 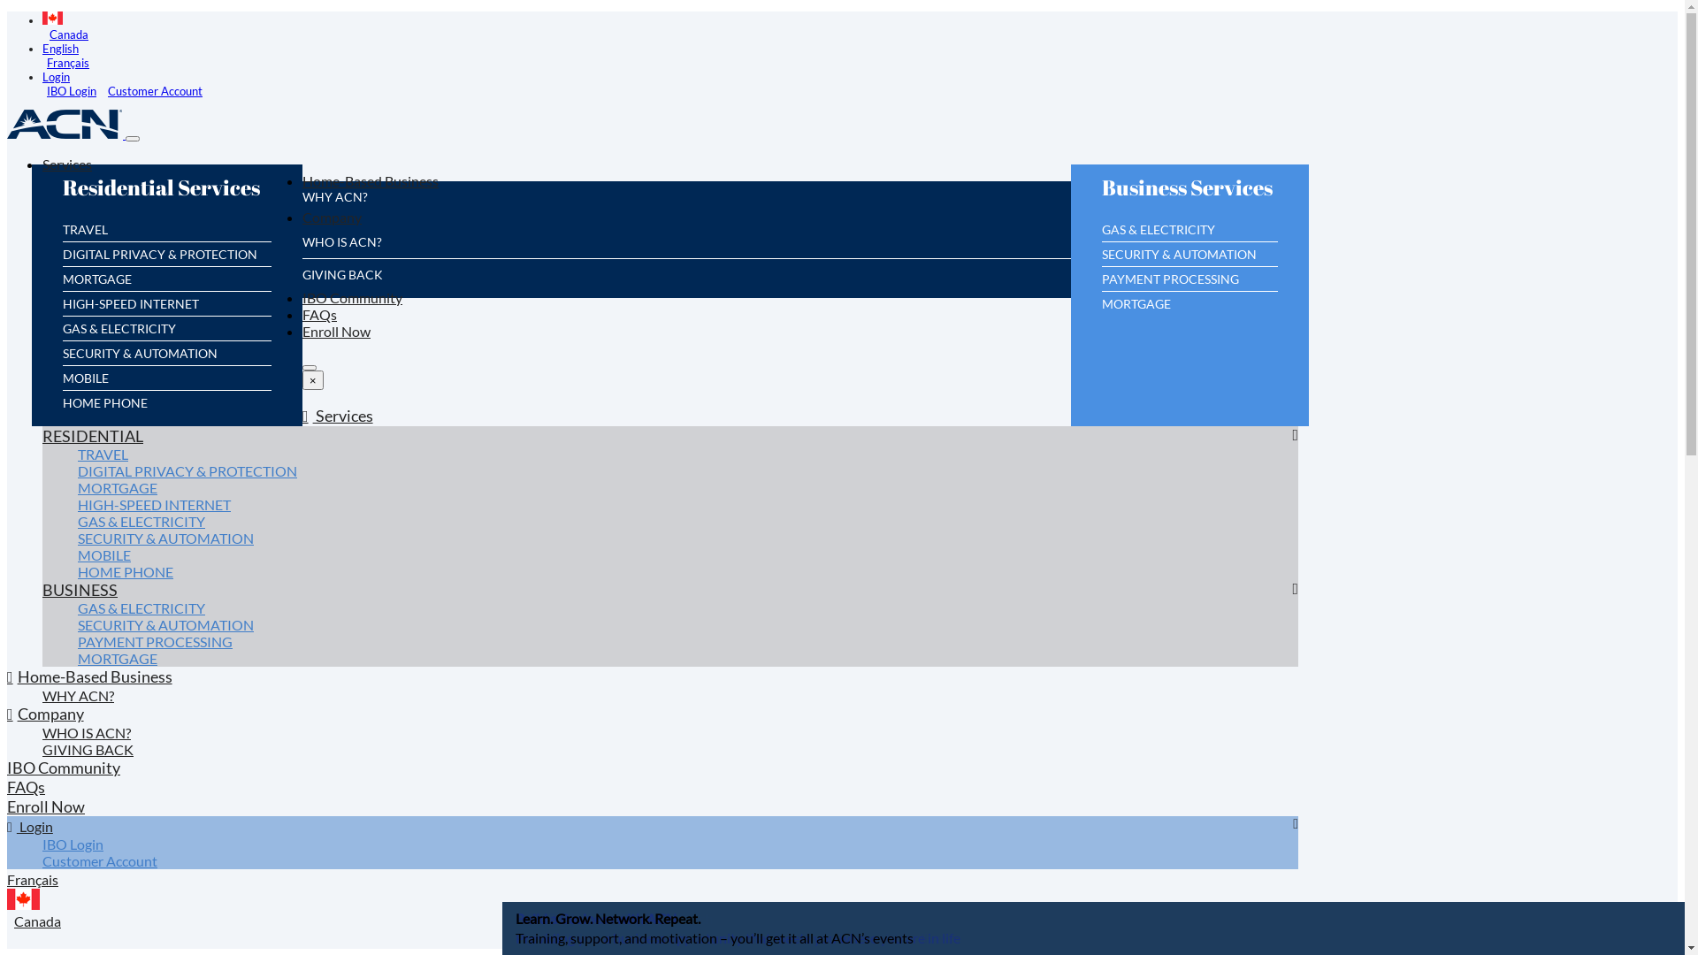 What do you see at coordinates (79, 596) in the screenshot?
I see `'BUSINESS'` at bounding box center [79, 596].